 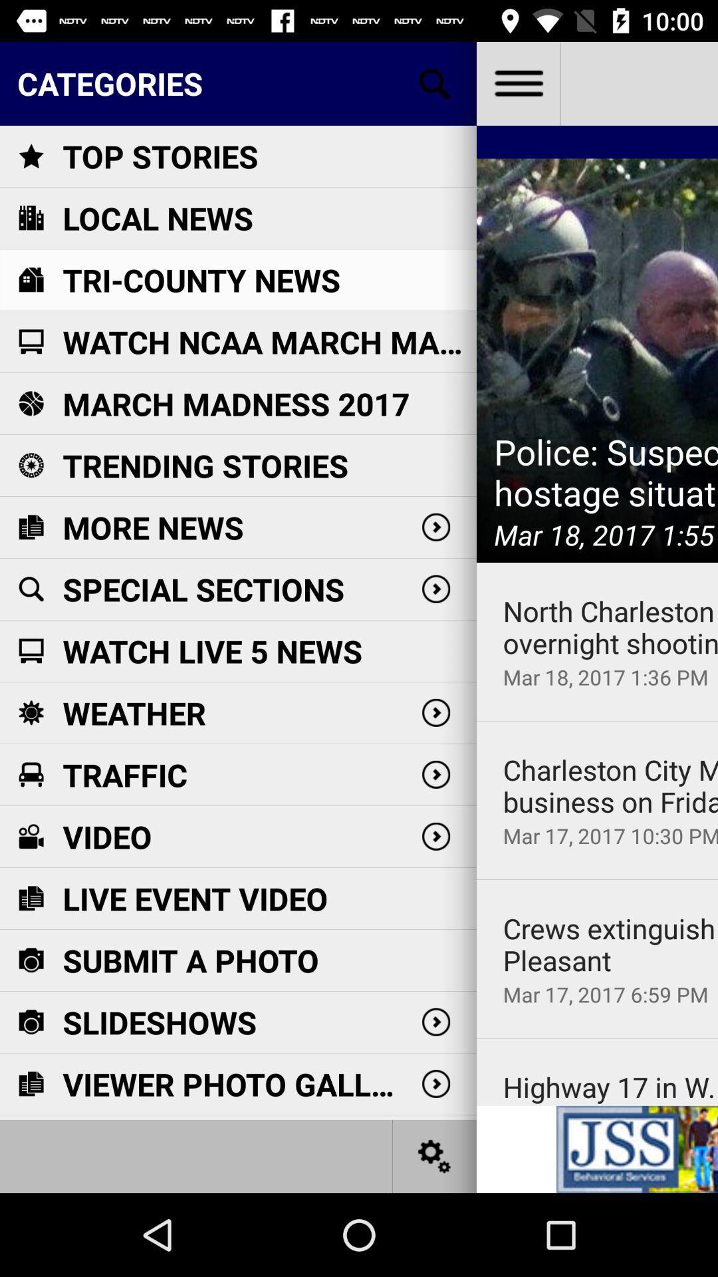 I want to click on categories item, so click(x=237, y=82).